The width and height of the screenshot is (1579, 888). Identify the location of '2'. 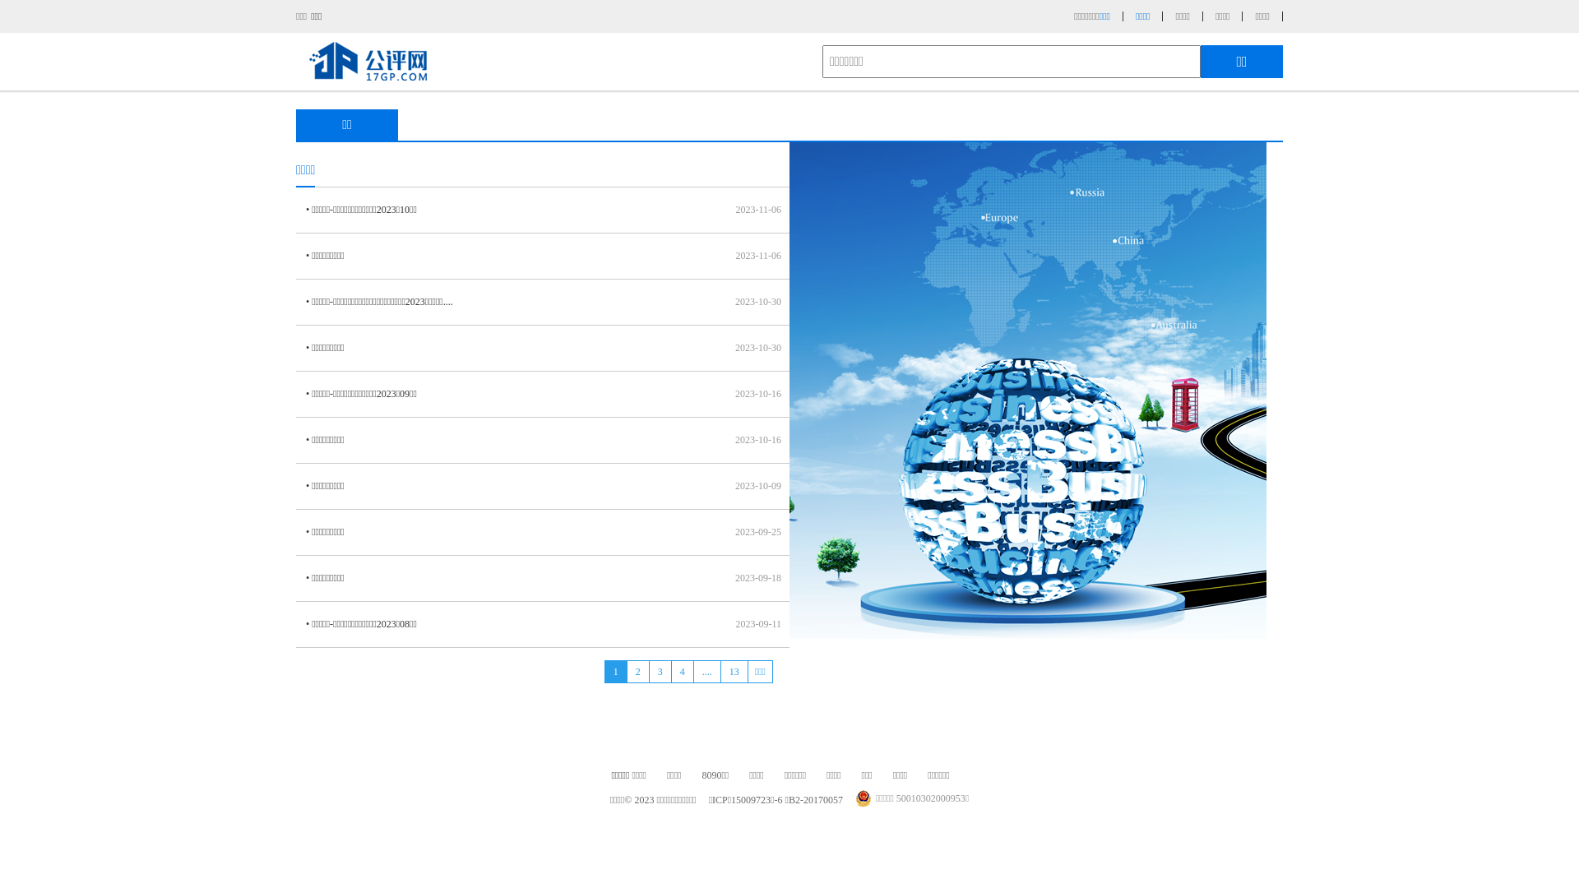
(637, 672).